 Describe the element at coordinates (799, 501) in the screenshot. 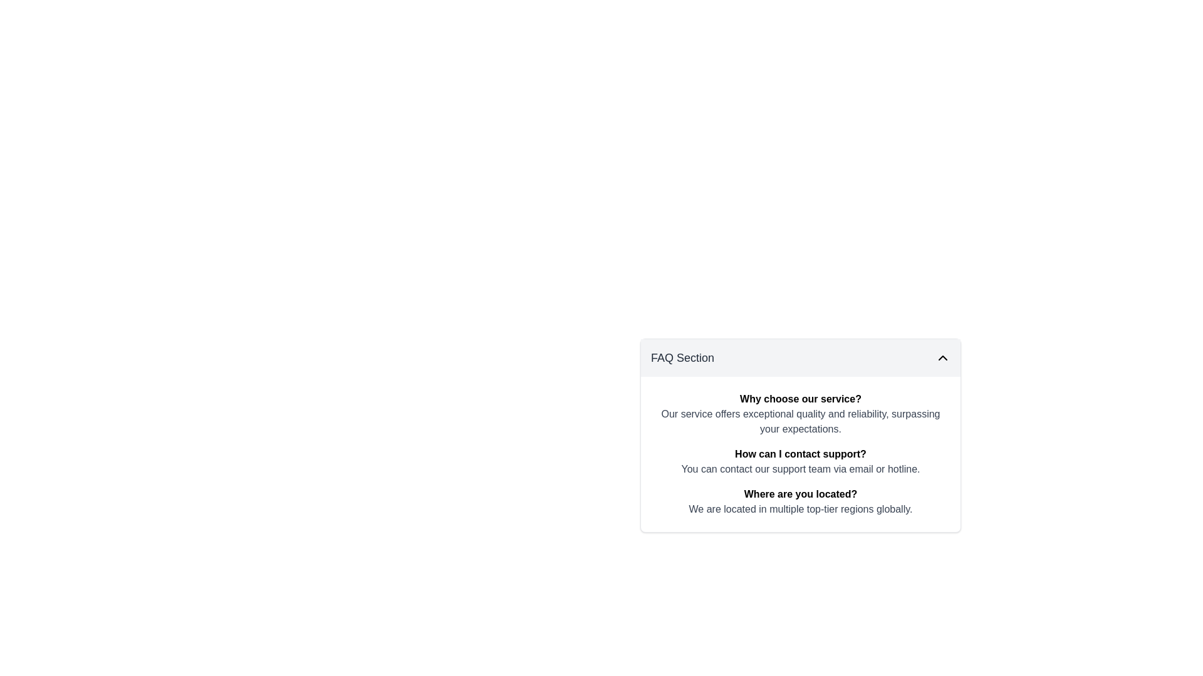

I see `information presented in the Text block that is the third entry listed under the FAQ Section` at that location.